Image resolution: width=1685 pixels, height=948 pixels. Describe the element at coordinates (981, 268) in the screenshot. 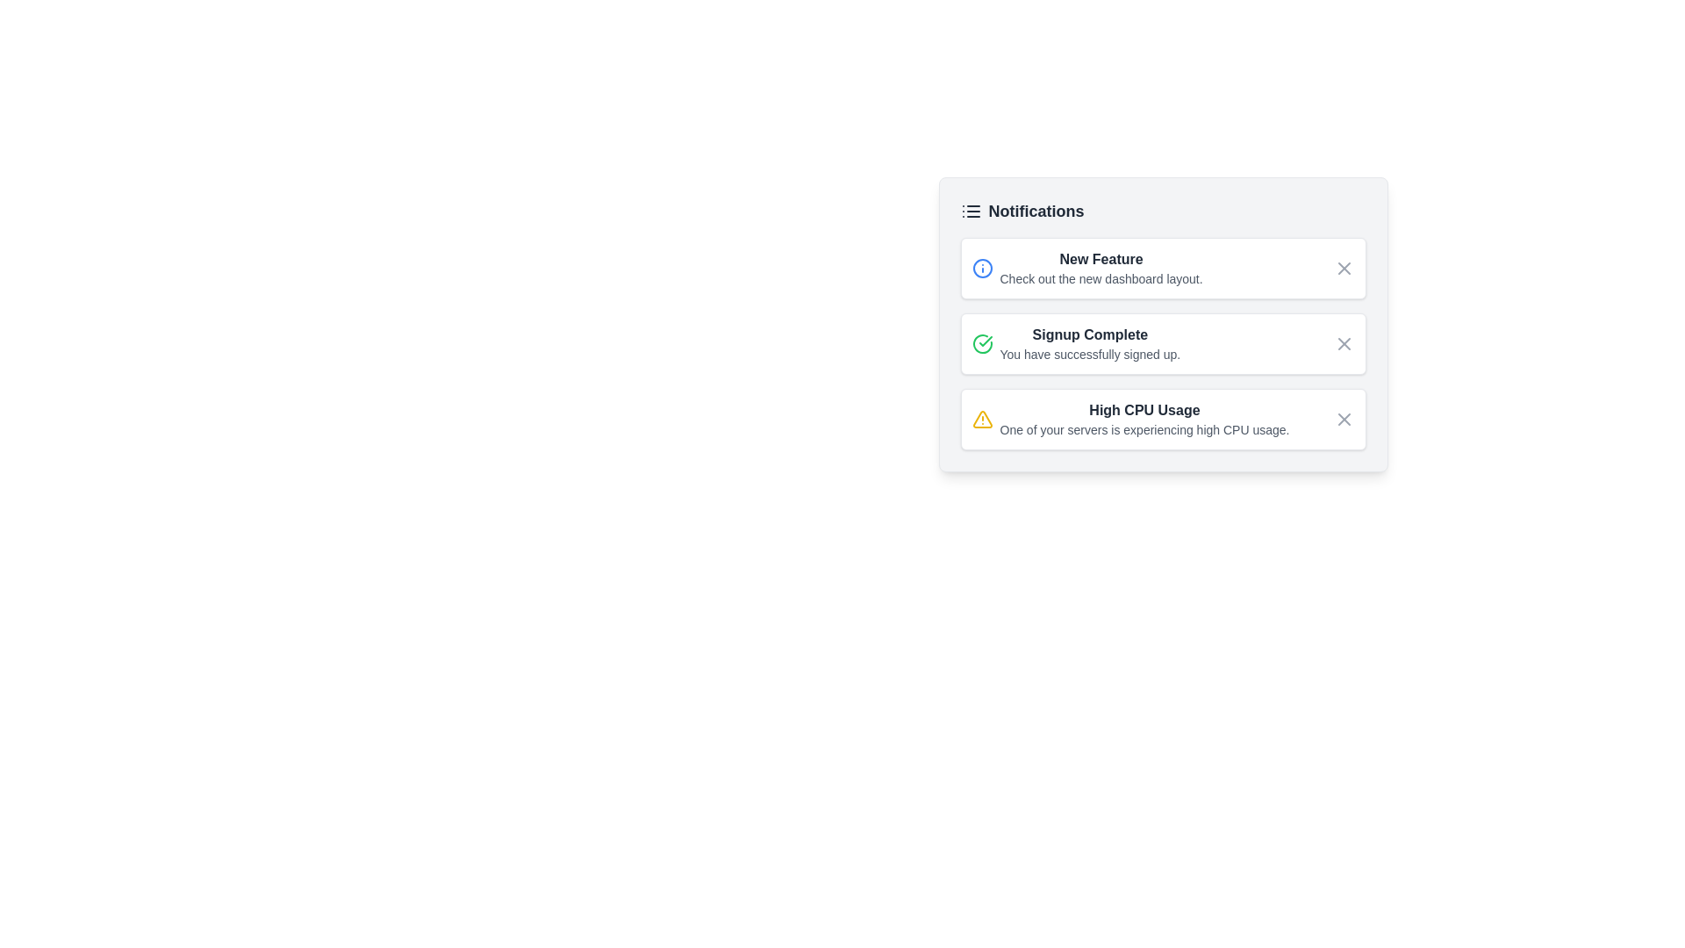

I see `the circular blue outline icon positioned to the left of the notification entry titled 'New Feature' within the notifications list` at that location.